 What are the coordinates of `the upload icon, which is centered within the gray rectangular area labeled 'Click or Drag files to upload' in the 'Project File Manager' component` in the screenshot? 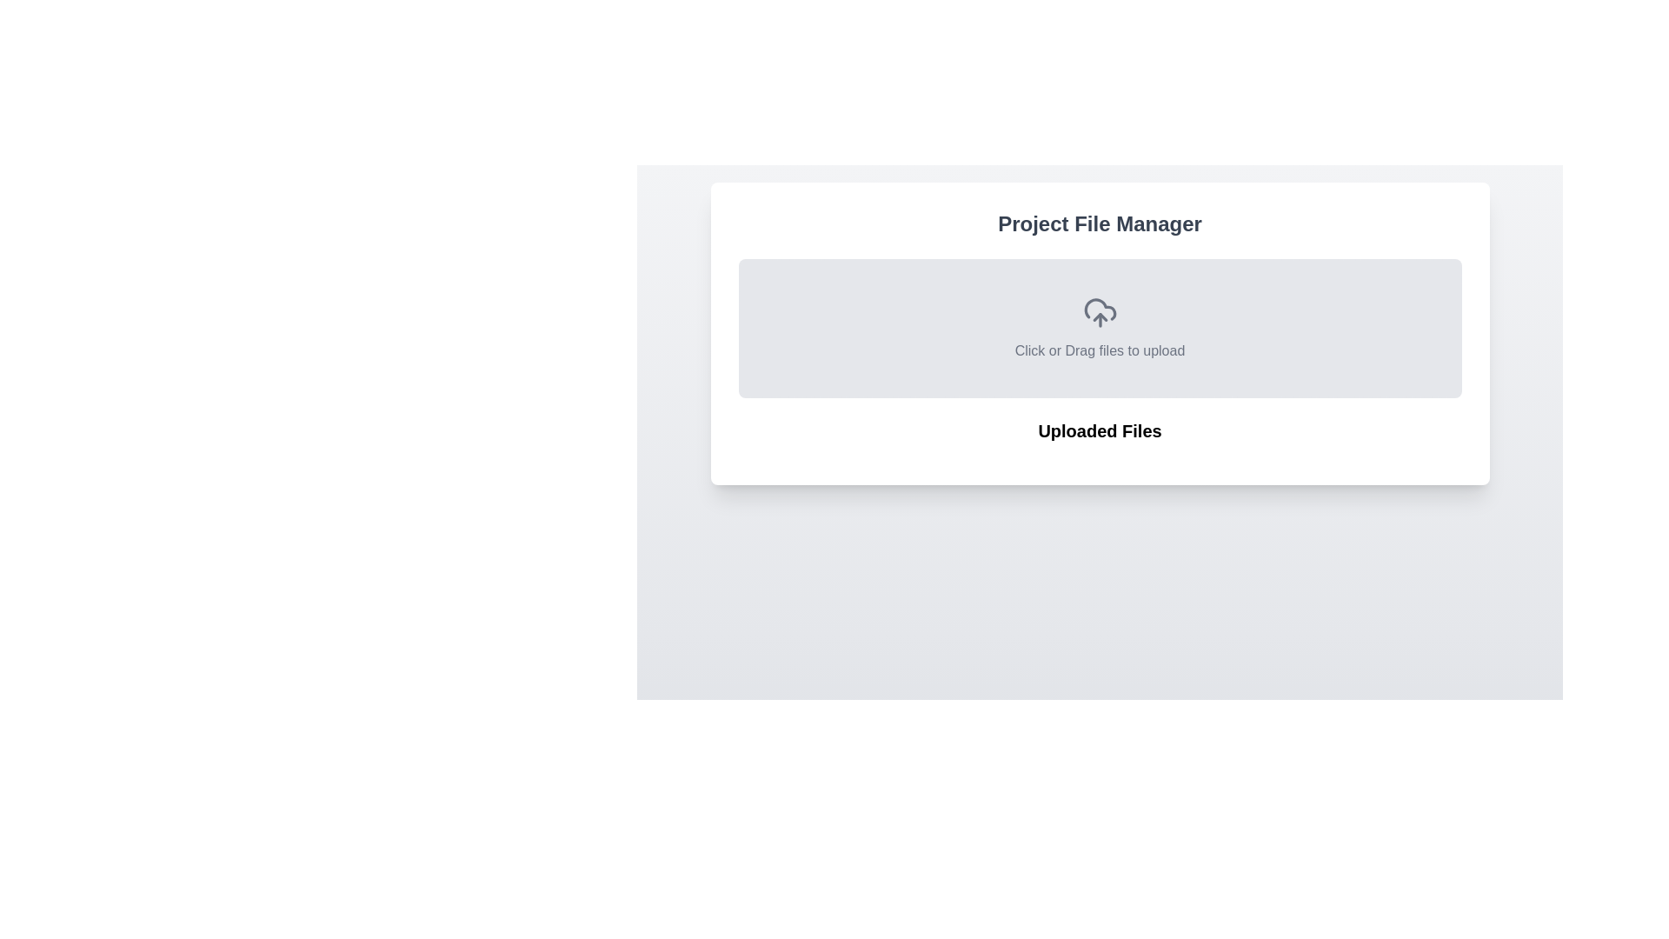 It's located at (1099, 311).